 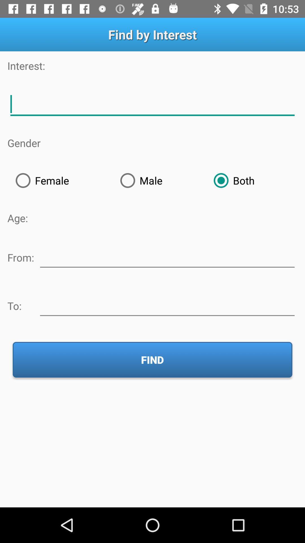 What do you see at coordinates (159, 180) in the screenshot?
I see `the radio button to the left of both` at bounding box center [159, 180].